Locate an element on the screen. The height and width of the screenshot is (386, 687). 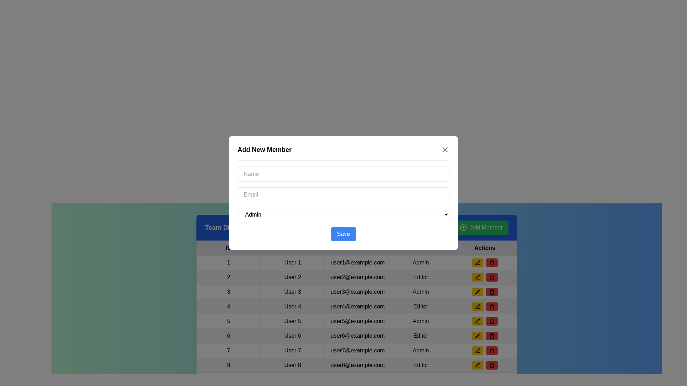
the text label displaying the email of the user in the third column of the fifth row of the table, located between 'User 5' and 'Admin' is located at coordinates (357, 321).